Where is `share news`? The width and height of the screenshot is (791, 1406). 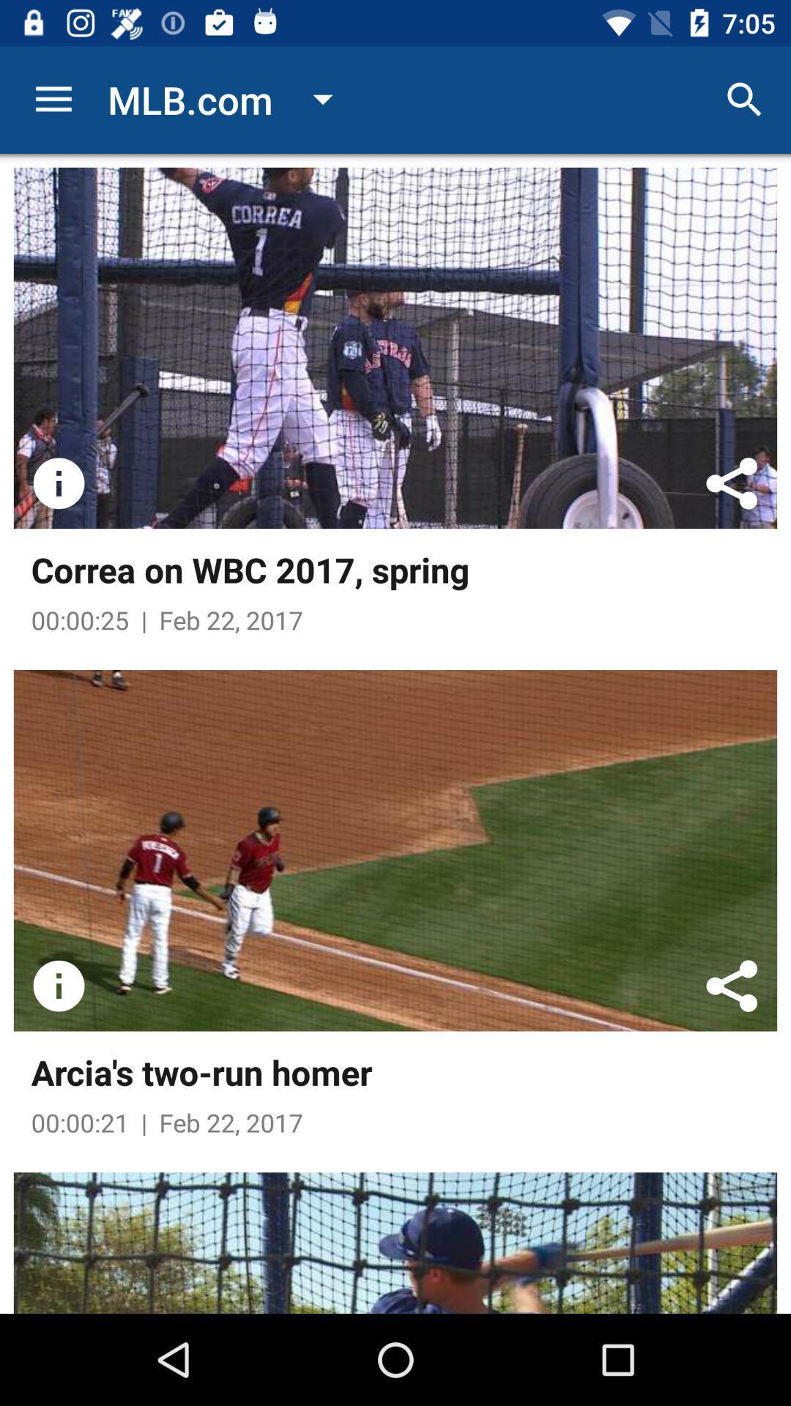 share news is located at coordinates (732, 986).